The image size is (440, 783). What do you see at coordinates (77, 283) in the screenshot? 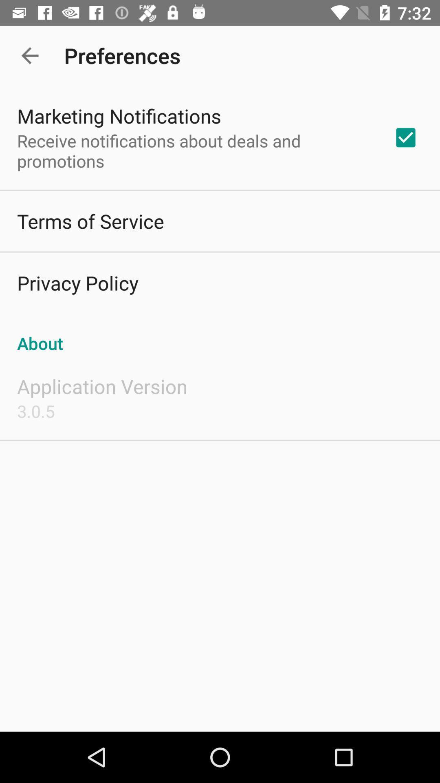
I see `icon below the terms of service app` at bounding box center [77, 283].